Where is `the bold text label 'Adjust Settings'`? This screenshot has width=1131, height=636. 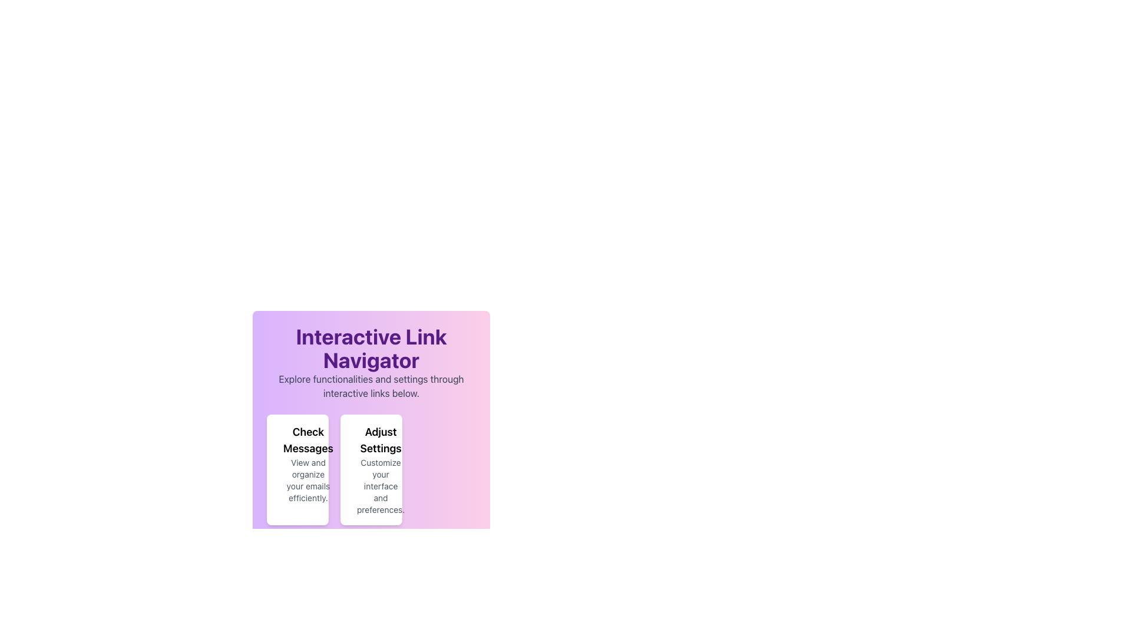 the bold text label 'Adjust Settings' is located at coordinates (381, 440).